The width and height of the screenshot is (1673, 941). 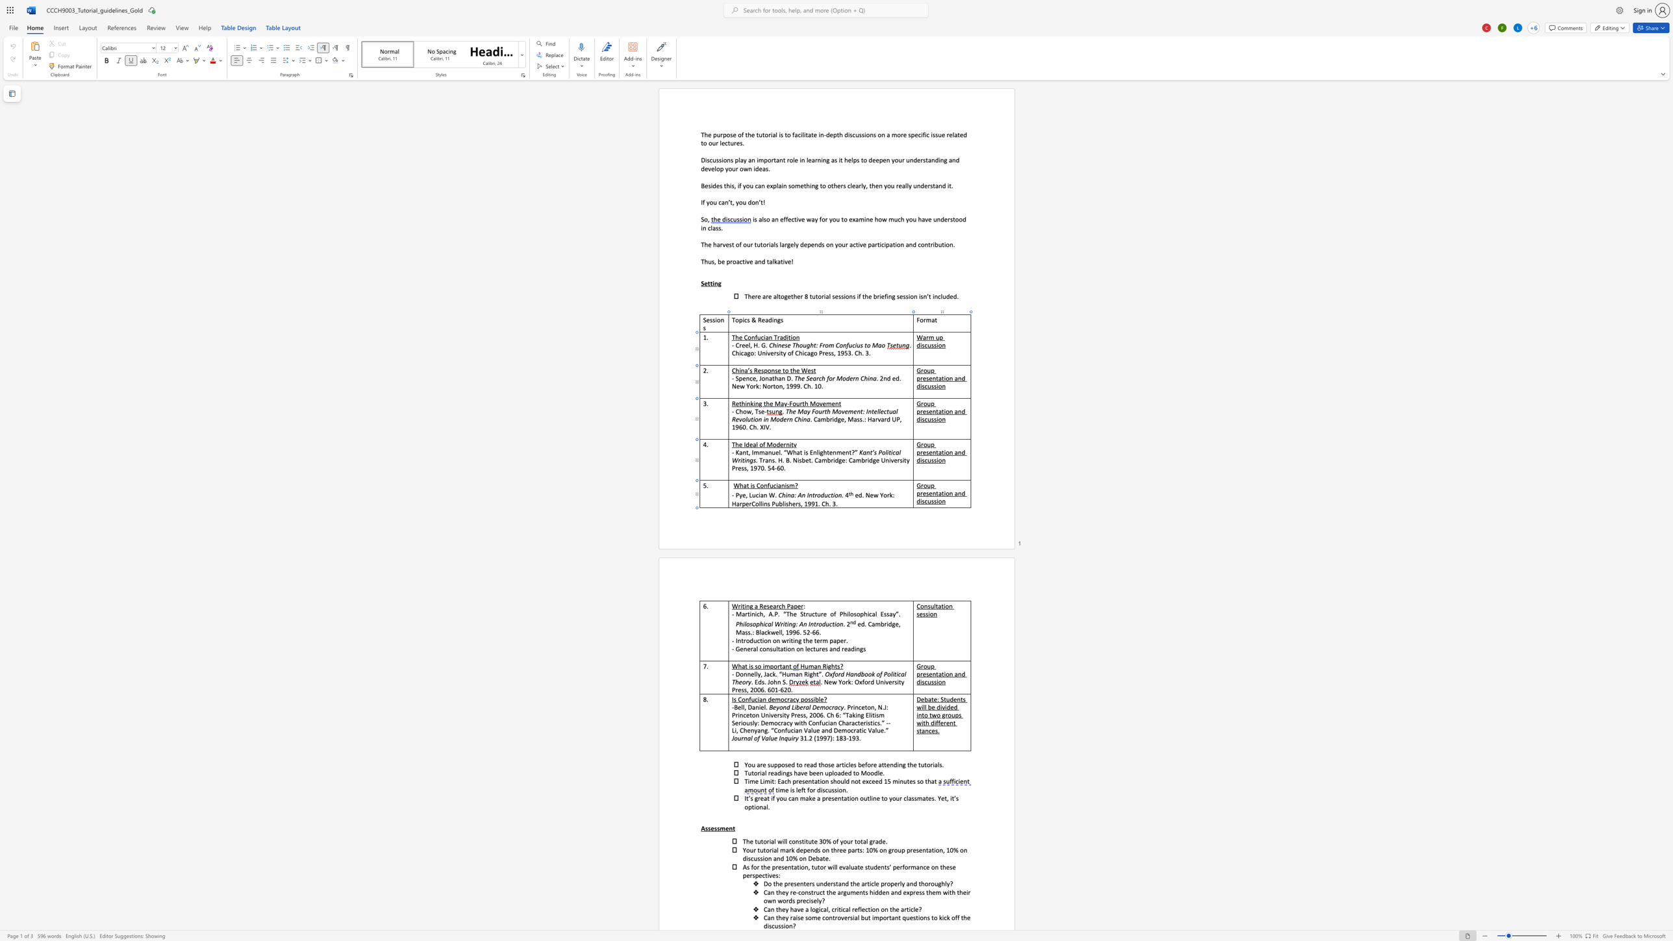 I want to click on the space between the continuous character "e" and "," in the text, so click(x=744, y=496).